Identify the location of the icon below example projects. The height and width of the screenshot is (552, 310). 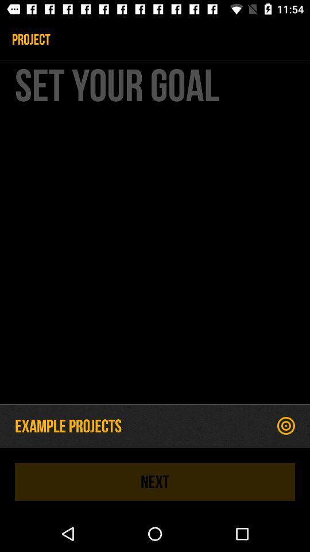
(155, 481).